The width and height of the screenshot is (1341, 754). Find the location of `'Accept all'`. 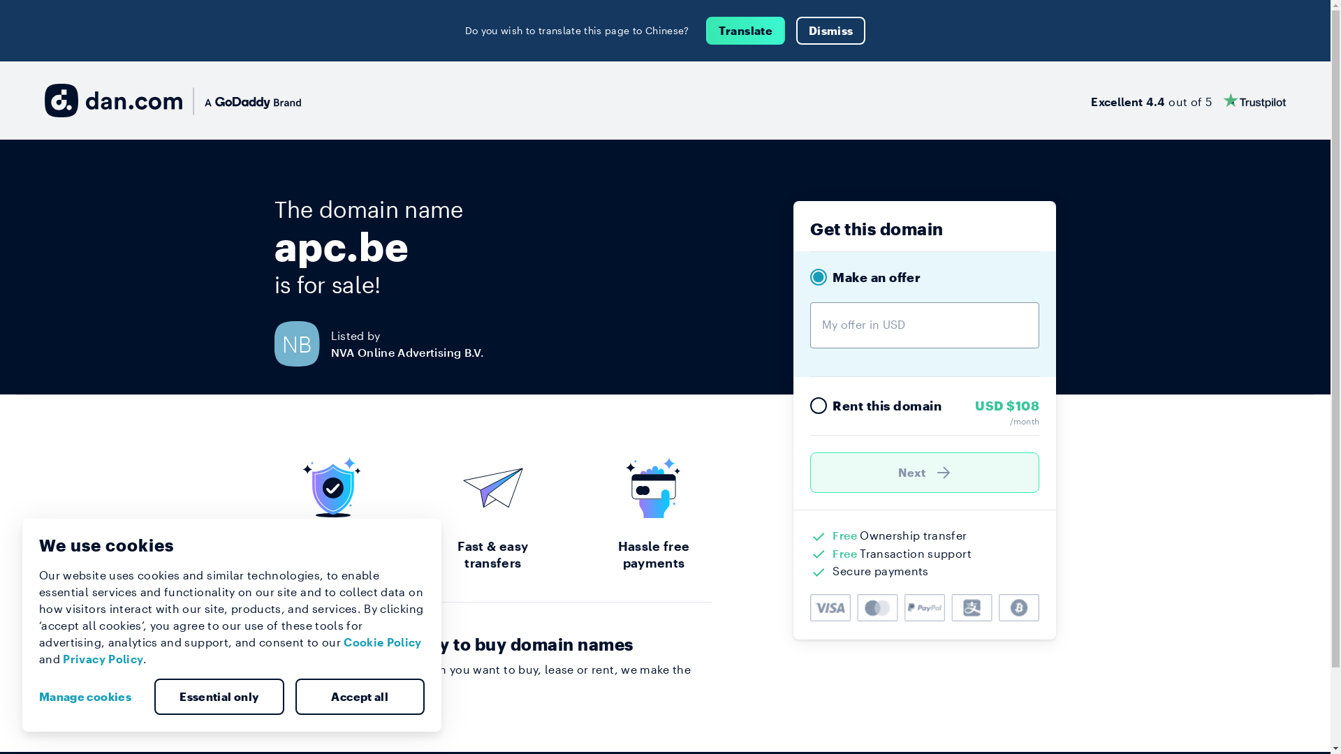

'Accept all' is located at coordinates (359, 697).